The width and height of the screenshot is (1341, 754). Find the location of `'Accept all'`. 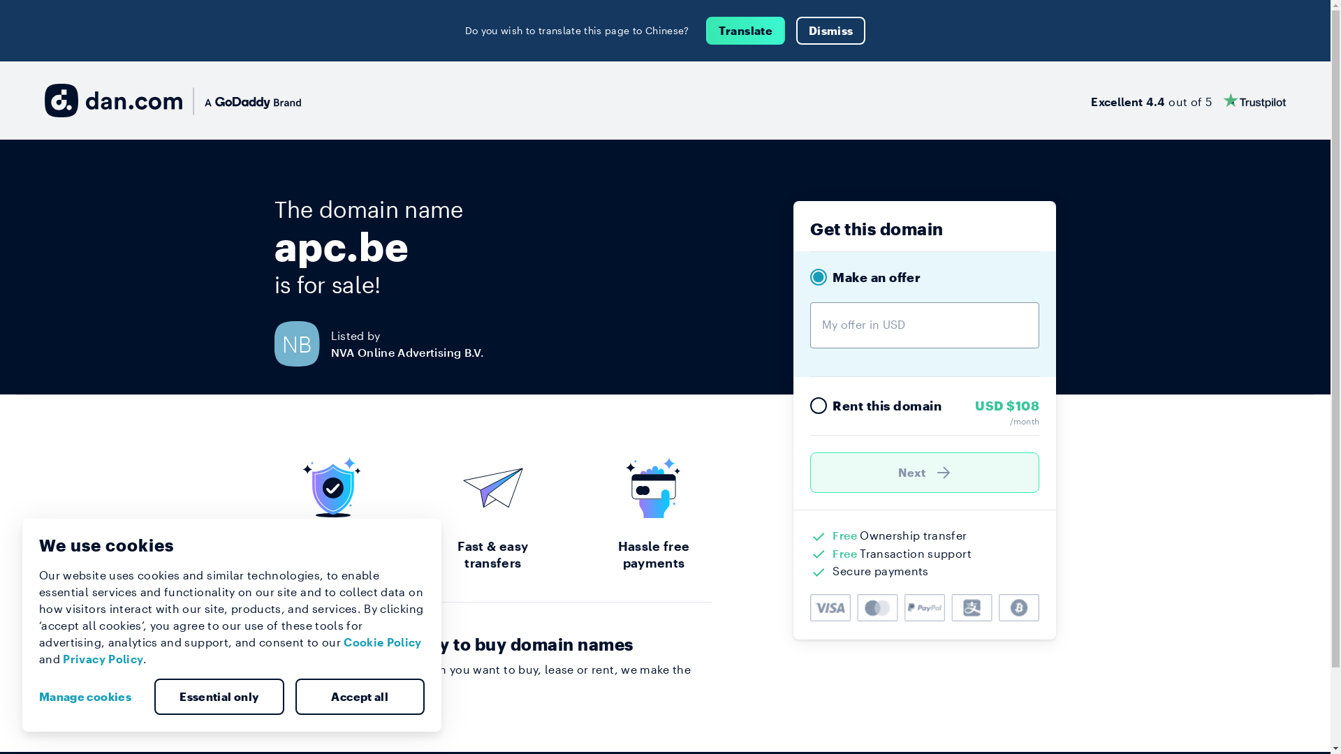

'Accept all' is located at coordinates (359, 697).